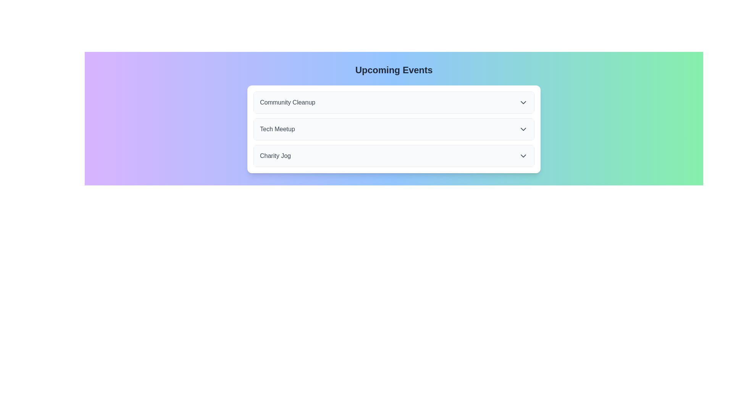  What do you see at coordinates (394, 155) in the screenshot?
I see `the third item in the vertically stacked list, which serves as a button` at bounding box center [394, 155].